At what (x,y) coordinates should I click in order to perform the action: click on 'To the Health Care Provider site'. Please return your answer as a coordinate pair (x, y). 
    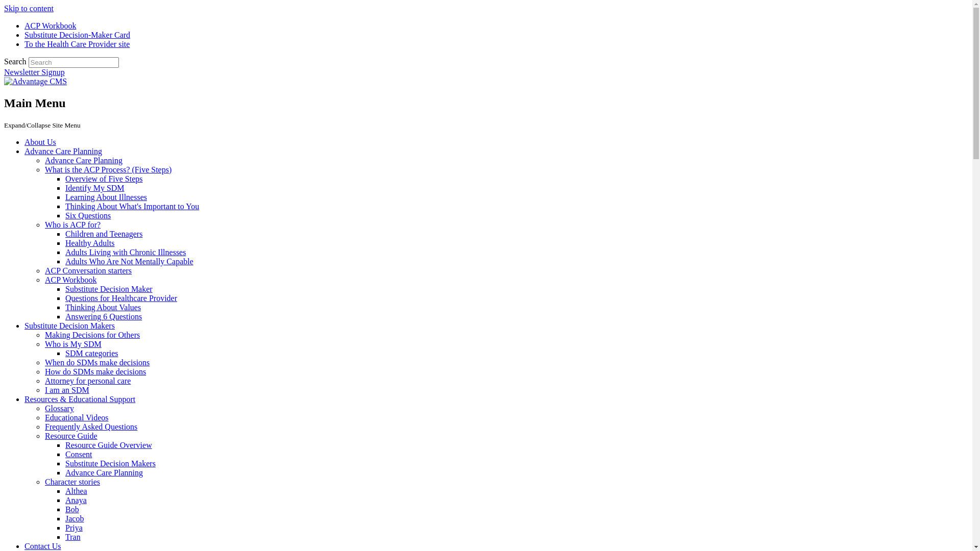
    Looking at the image, I should click on (24, 43).